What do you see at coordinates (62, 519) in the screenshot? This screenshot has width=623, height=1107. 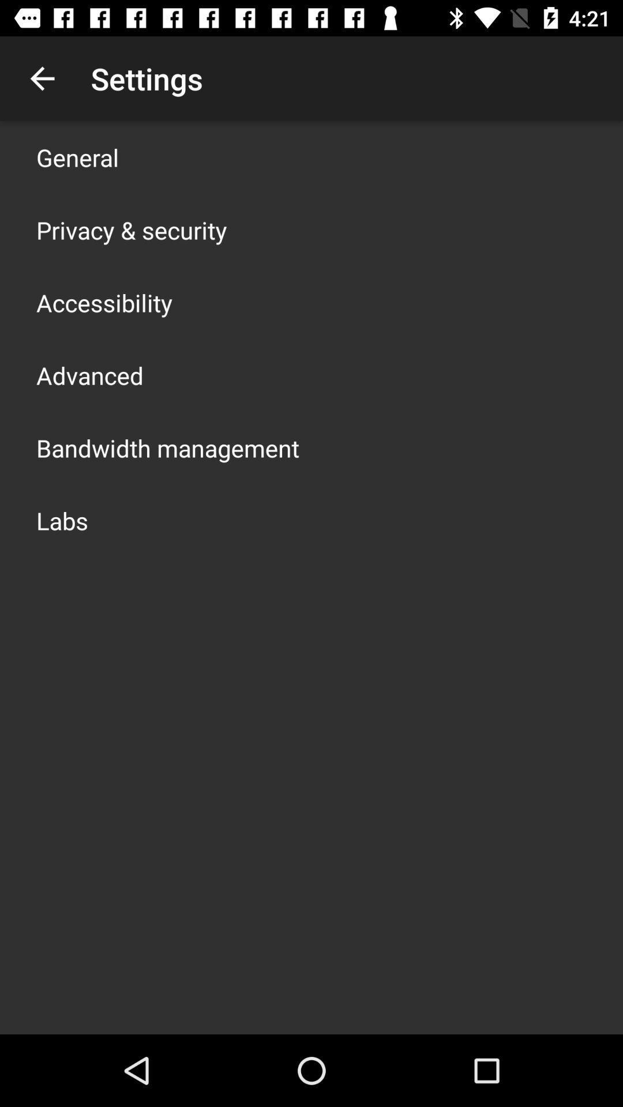 I see `item below bandwidth management app` at bounding box center [62, 519].